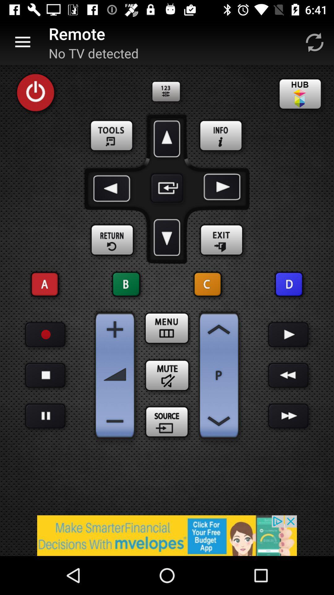 The height and width of the screenshot is (595, 334). Describe the element at coordinates (167, 139) in the screenshot. I see `the arrow_upward icon` at that location.